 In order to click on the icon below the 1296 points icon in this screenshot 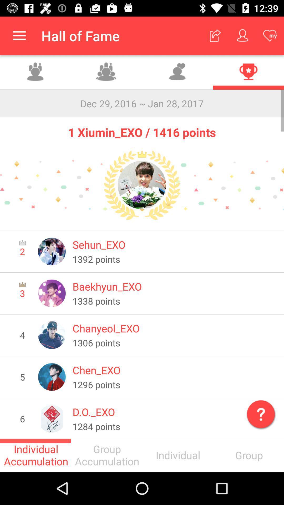, I will do `click(260, 413)`.